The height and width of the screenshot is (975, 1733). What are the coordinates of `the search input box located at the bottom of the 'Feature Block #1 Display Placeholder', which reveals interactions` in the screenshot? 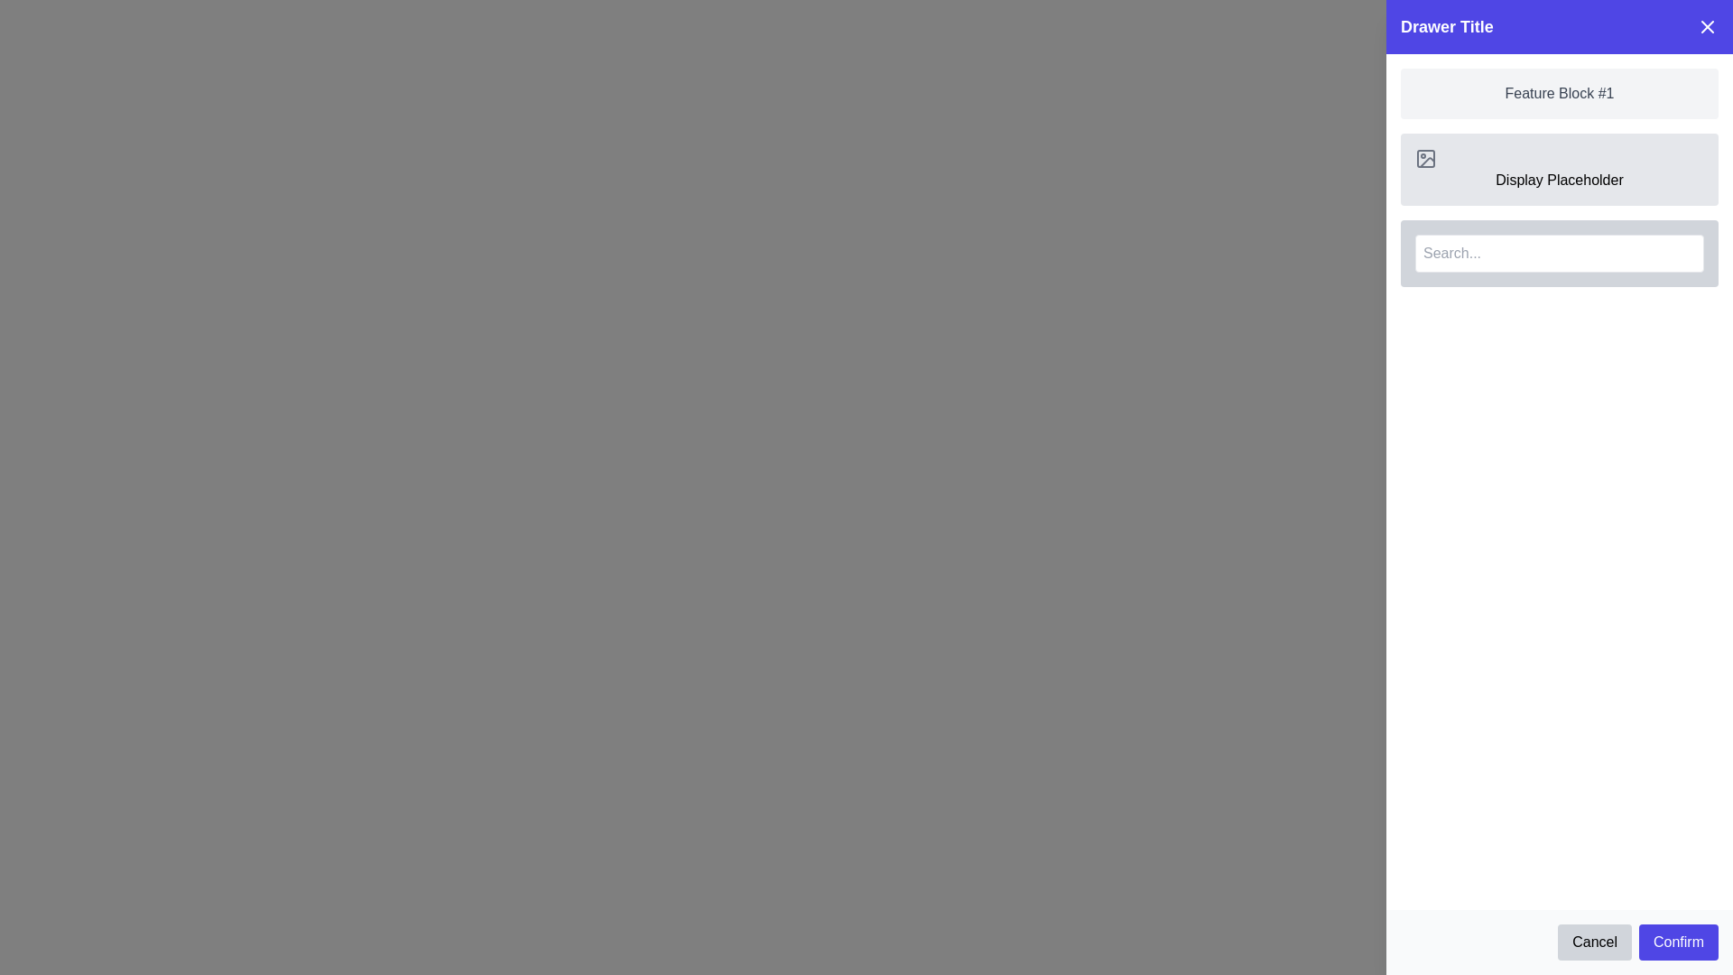 It's located at (1559, 254).